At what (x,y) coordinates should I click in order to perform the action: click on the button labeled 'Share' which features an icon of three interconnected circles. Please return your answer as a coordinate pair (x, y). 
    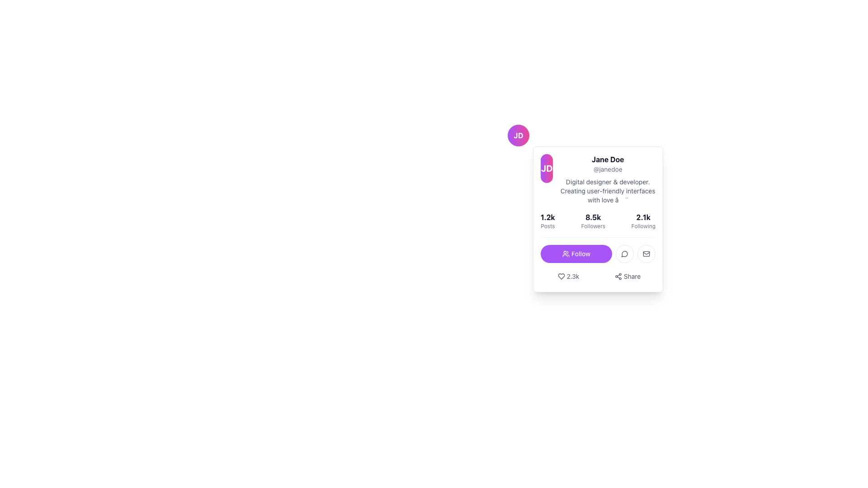
    Looking at the image, I should click on (627, 276).